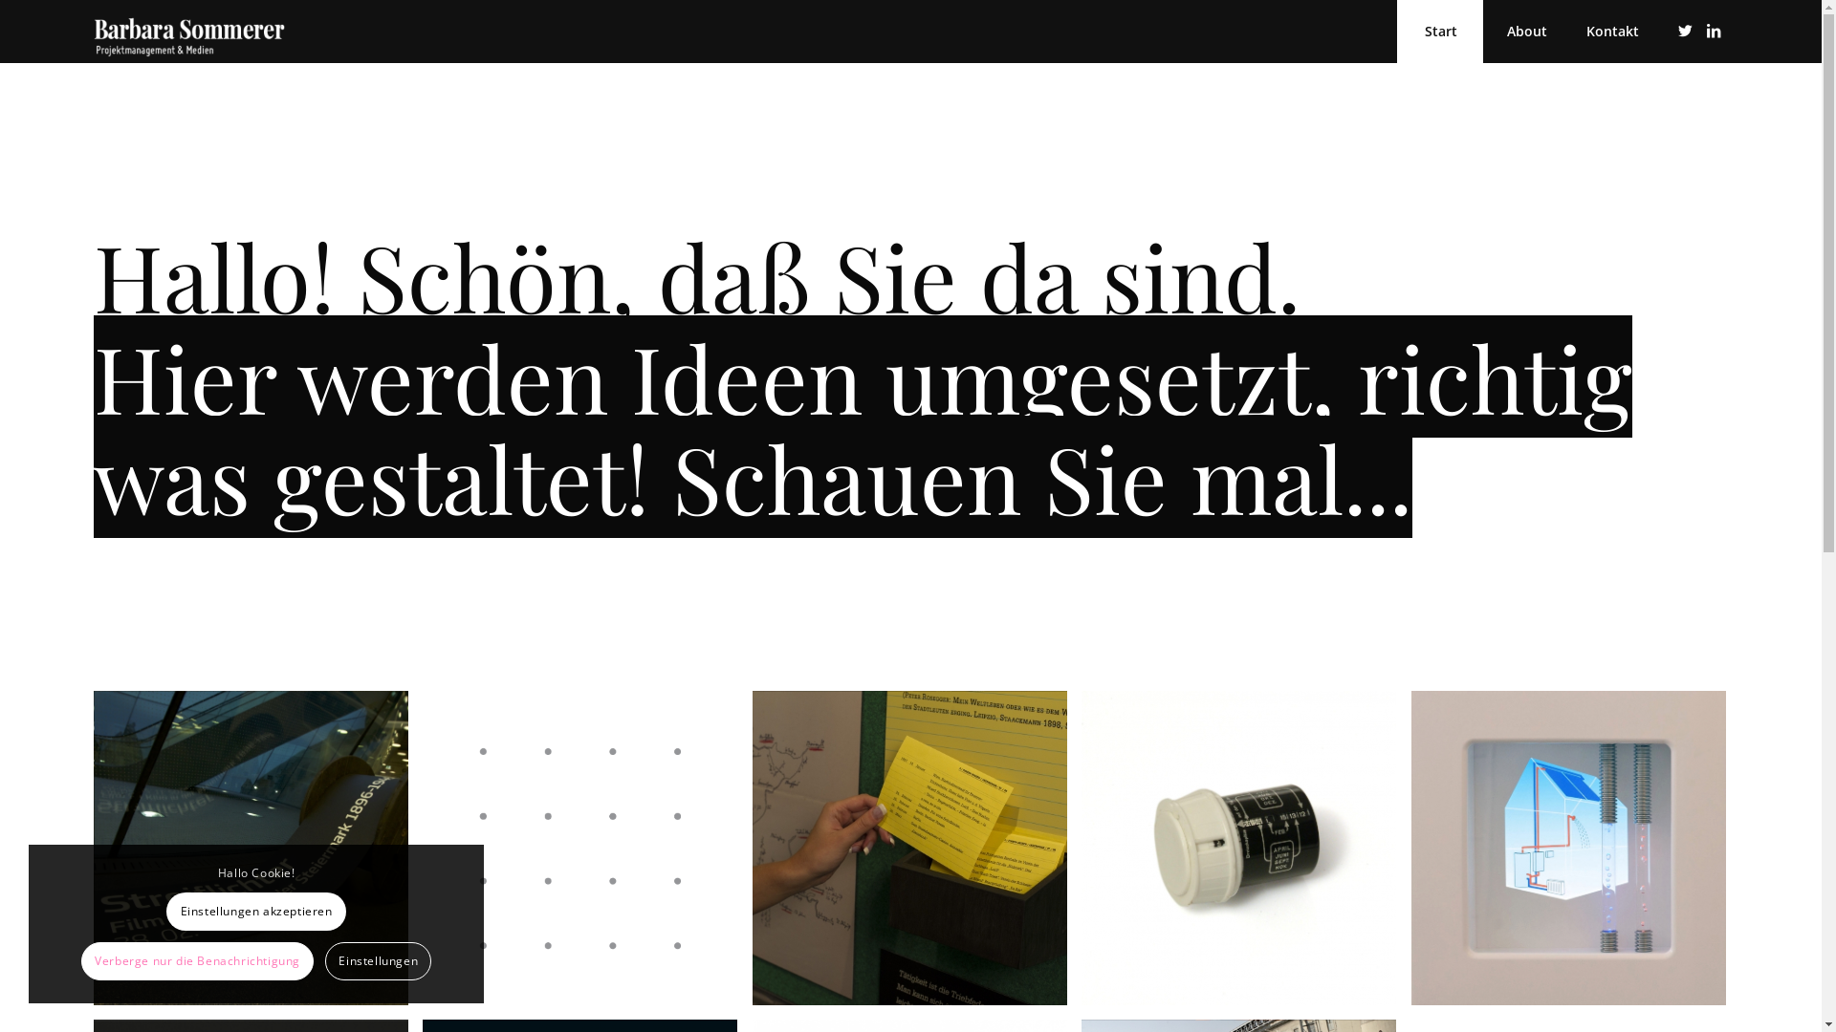  Describe the element at coordinates (1698, 30) in the screenshot. I see `'LinkedIn'` at that location.